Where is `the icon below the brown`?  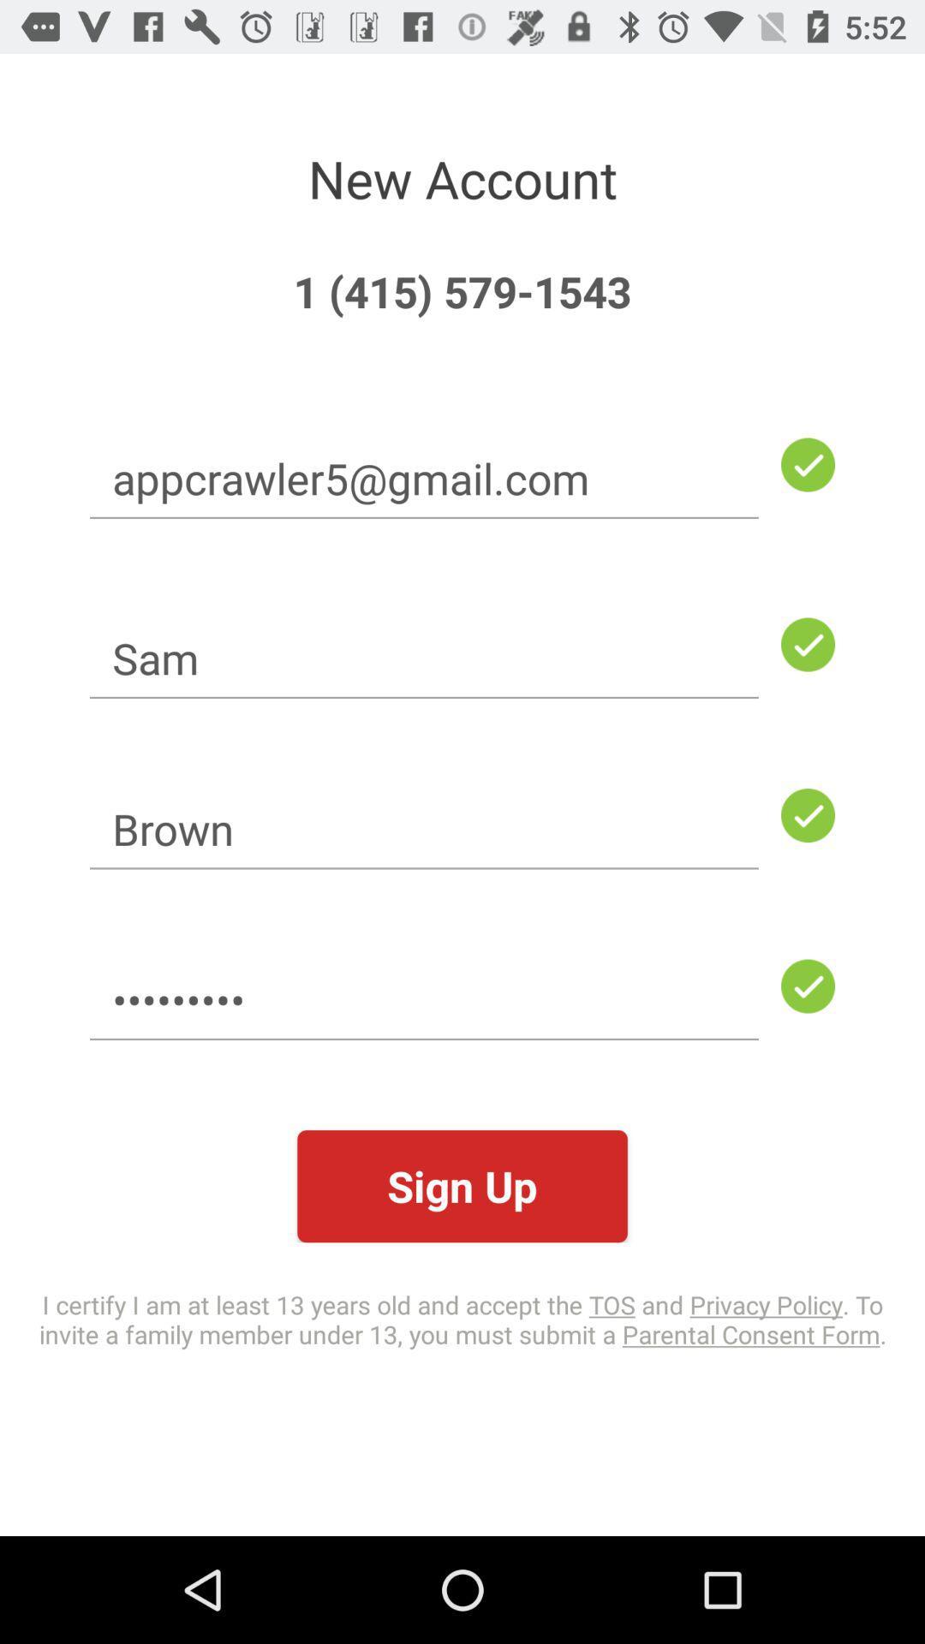
the icon below the brown is located at coordinates (424, 999).